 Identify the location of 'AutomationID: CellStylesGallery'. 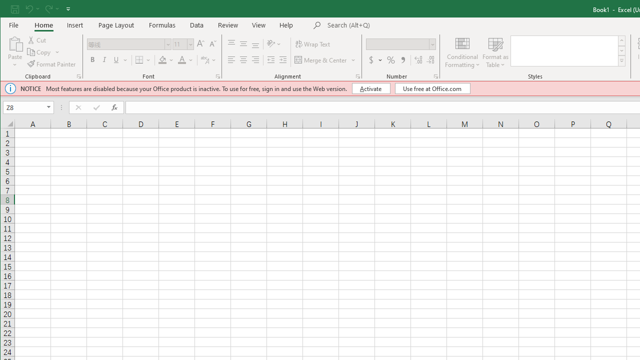
(568, 51).